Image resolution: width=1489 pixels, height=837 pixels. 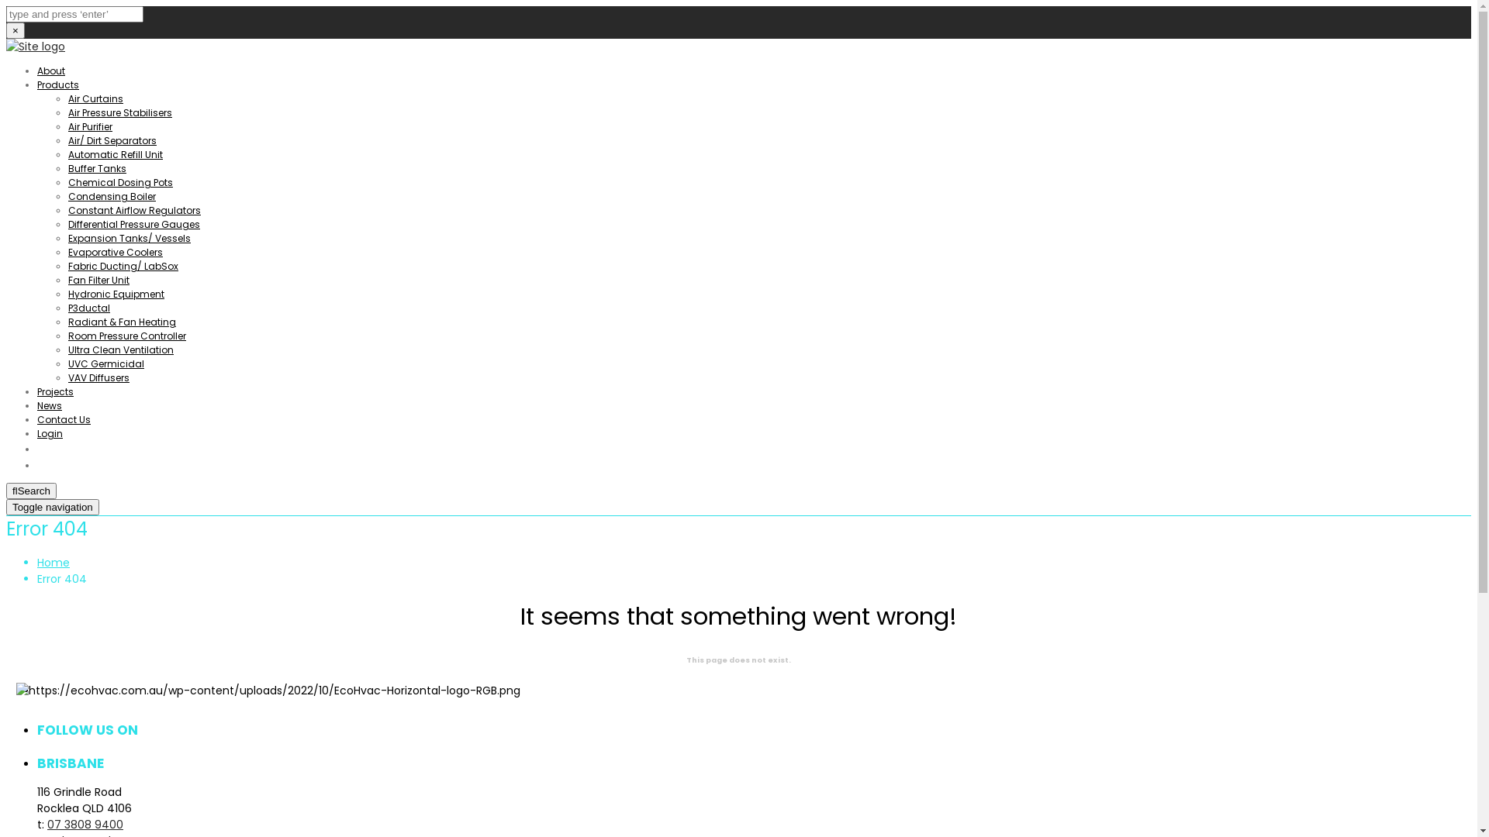 What do you see at coordinates (67, 377) in the screenshot?
I see `'VAV Diffusers'` at bounding box center [67, 377].